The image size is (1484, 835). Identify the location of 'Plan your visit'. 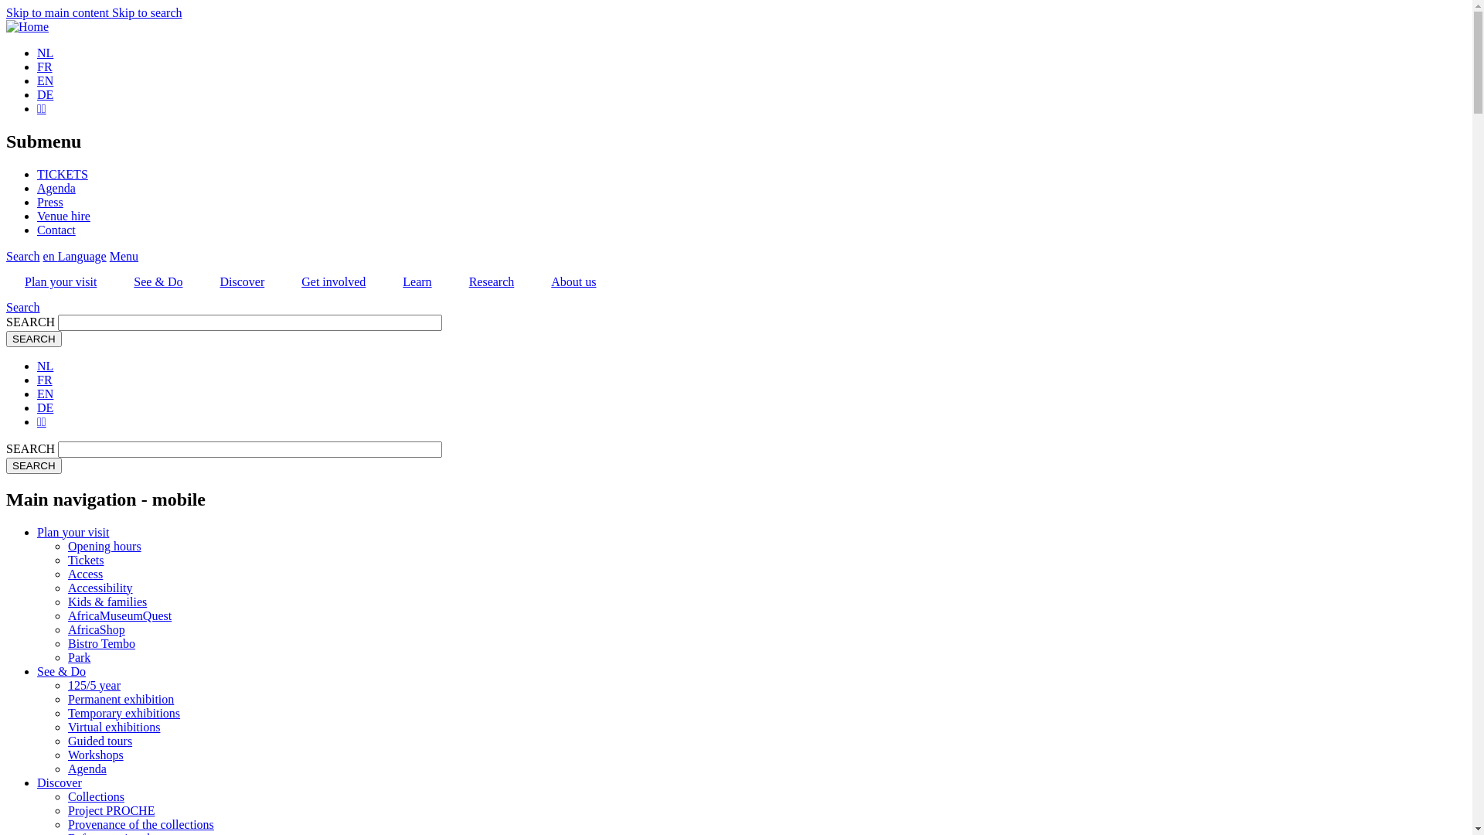
(60, 282).